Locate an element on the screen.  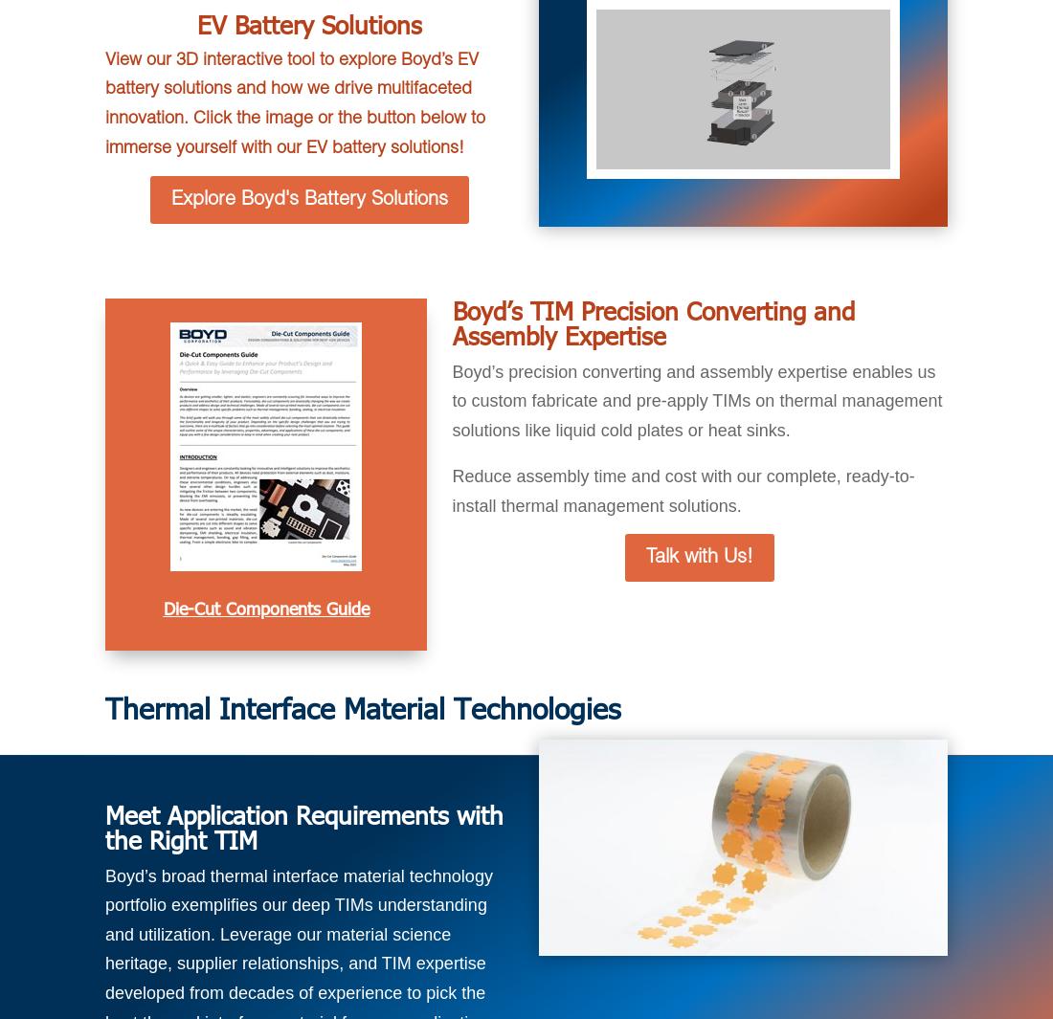
'Thermal Interface Material Technologies' is located at coordinates (362, 706).